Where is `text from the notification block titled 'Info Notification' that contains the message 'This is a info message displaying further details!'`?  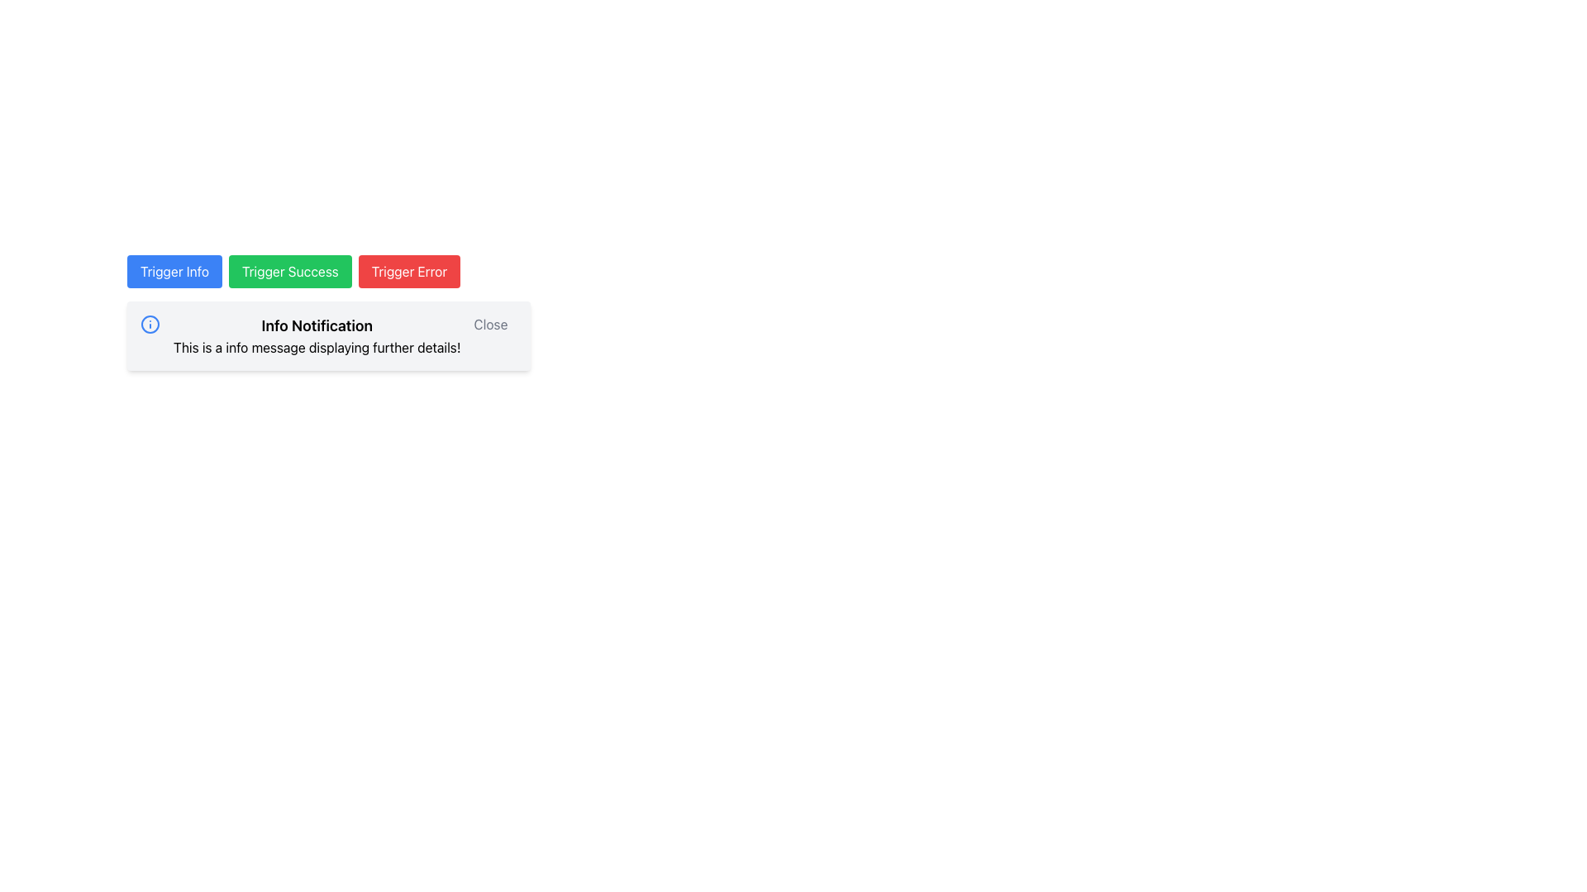
text from the notification block titled 'Info Notification' that contains the message 'This is a info message displaying further details!' is located at coordinates (317, 335).